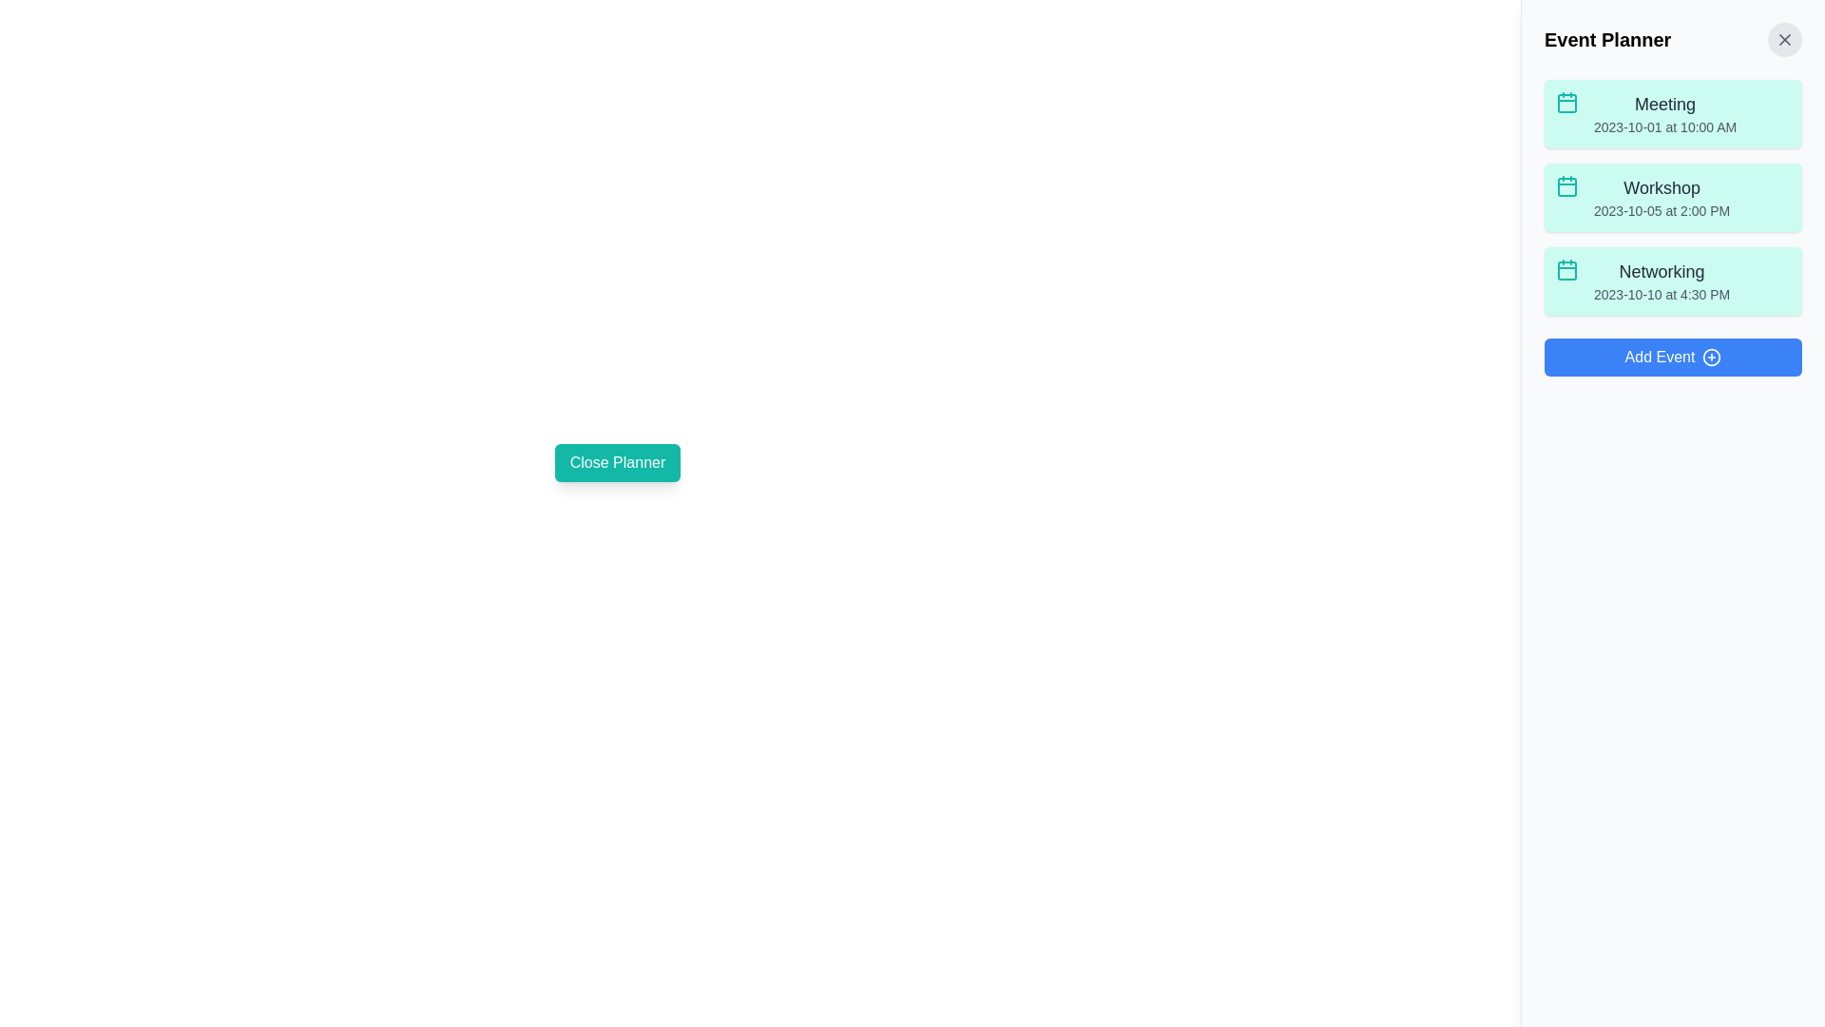  Describe the element at coordinates (1661, 294) in the screenshot. I see `the static text label displaying '2023-10-10 at 4:30 PM' located below the 'Networking' title within the highlighted card` at that location.